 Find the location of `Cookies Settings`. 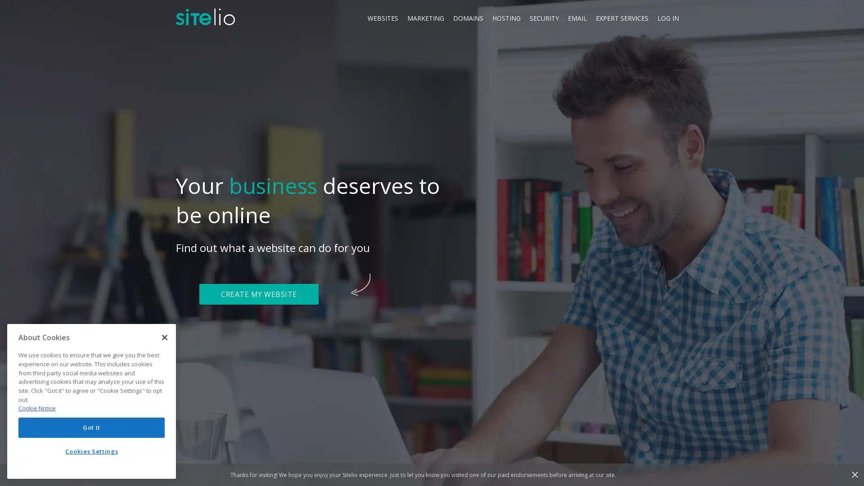

Cookies Settings is located at coordinates (91, 451).